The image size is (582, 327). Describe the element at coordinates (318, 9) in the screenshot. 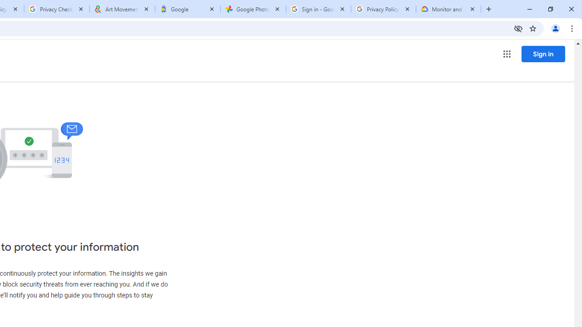

I see `'Sign in - Google Accounts'` at that location.